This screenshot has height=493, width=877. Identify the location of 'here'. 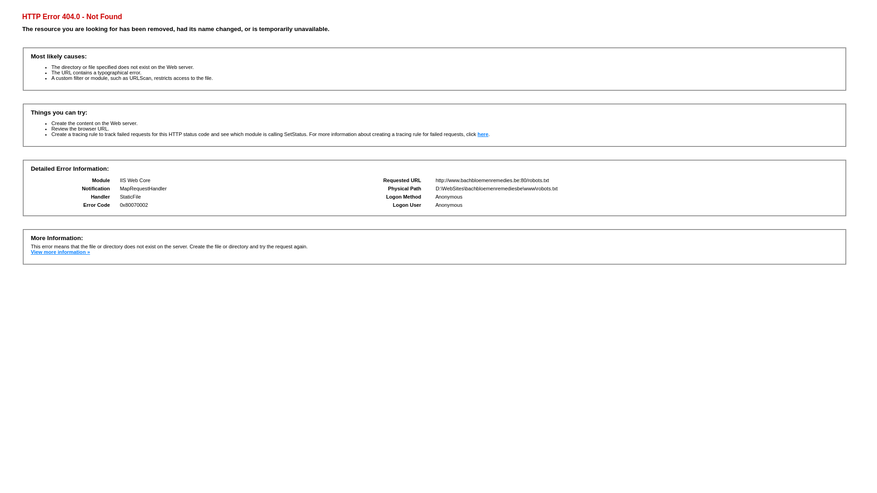
(477, 134).